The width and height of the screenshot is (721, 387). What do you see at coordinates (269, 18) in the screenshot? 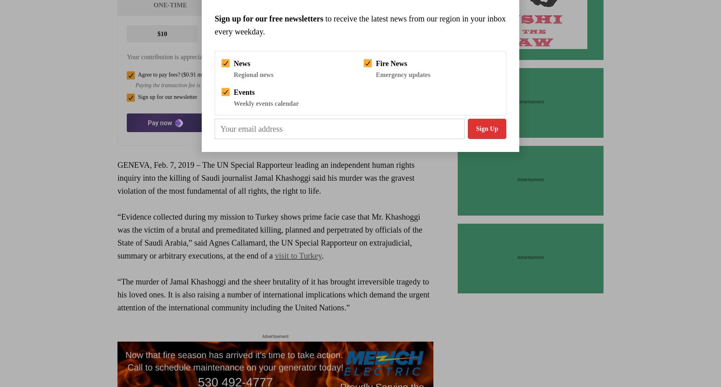
I see `'Sign up for our free newsletters'` at bounding box center [269, 18].